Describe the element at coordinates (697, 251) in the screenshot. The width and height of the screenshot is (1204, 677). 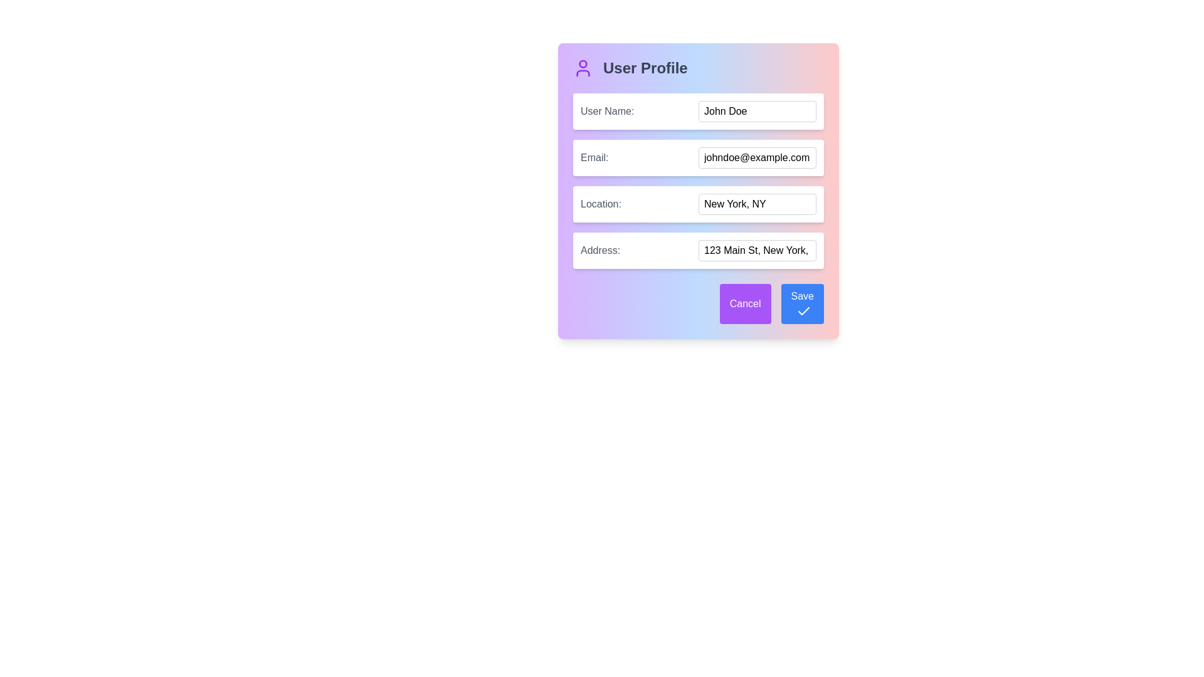
I see `the text input field in the 'User Profile' card` at that location.